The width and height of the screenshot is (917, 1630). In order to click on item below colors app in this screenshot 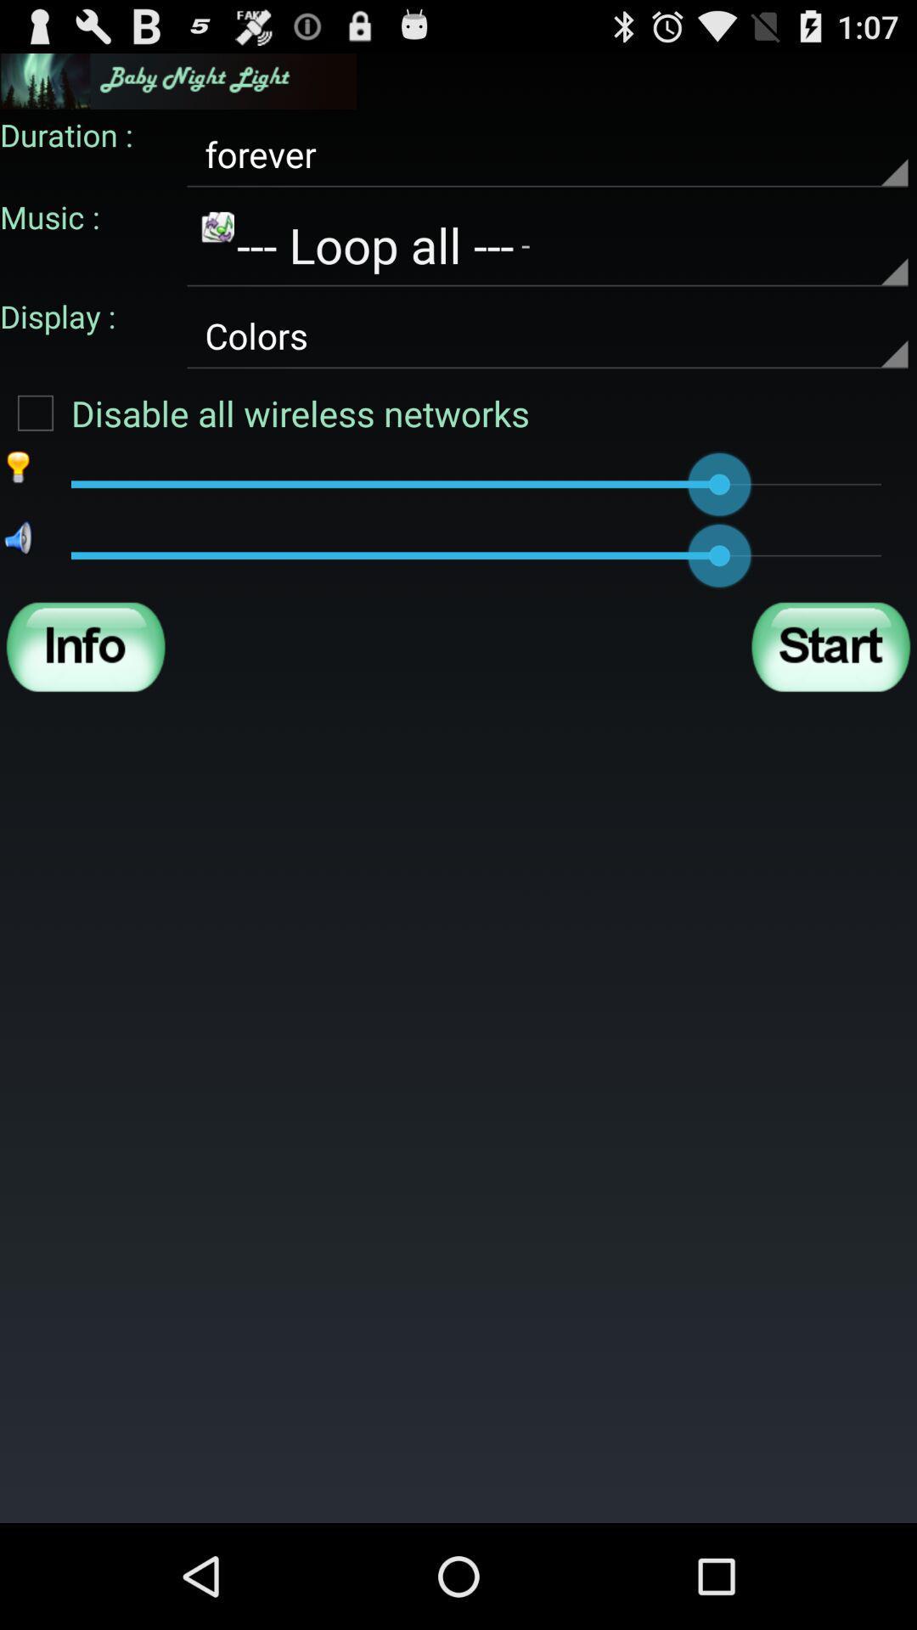, I will do `click(265, 413)`.